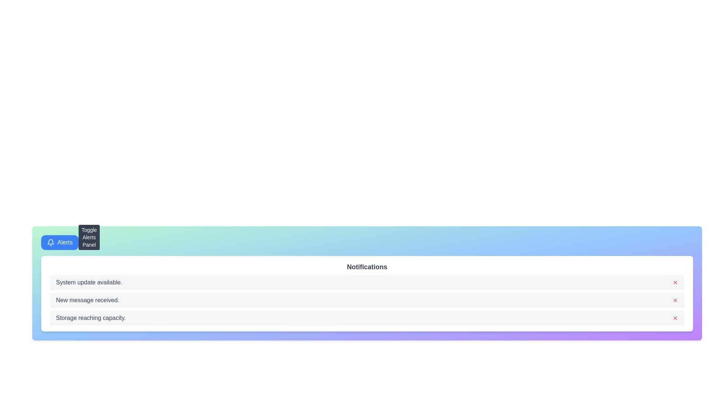  Describe the element at coordinates (675, 318) in the screenshot. I see `the small red 'X' icon button located at the far-right side of the notification panel next to the message 'Storage reaching capacity' to observe the hover effect` at that location.